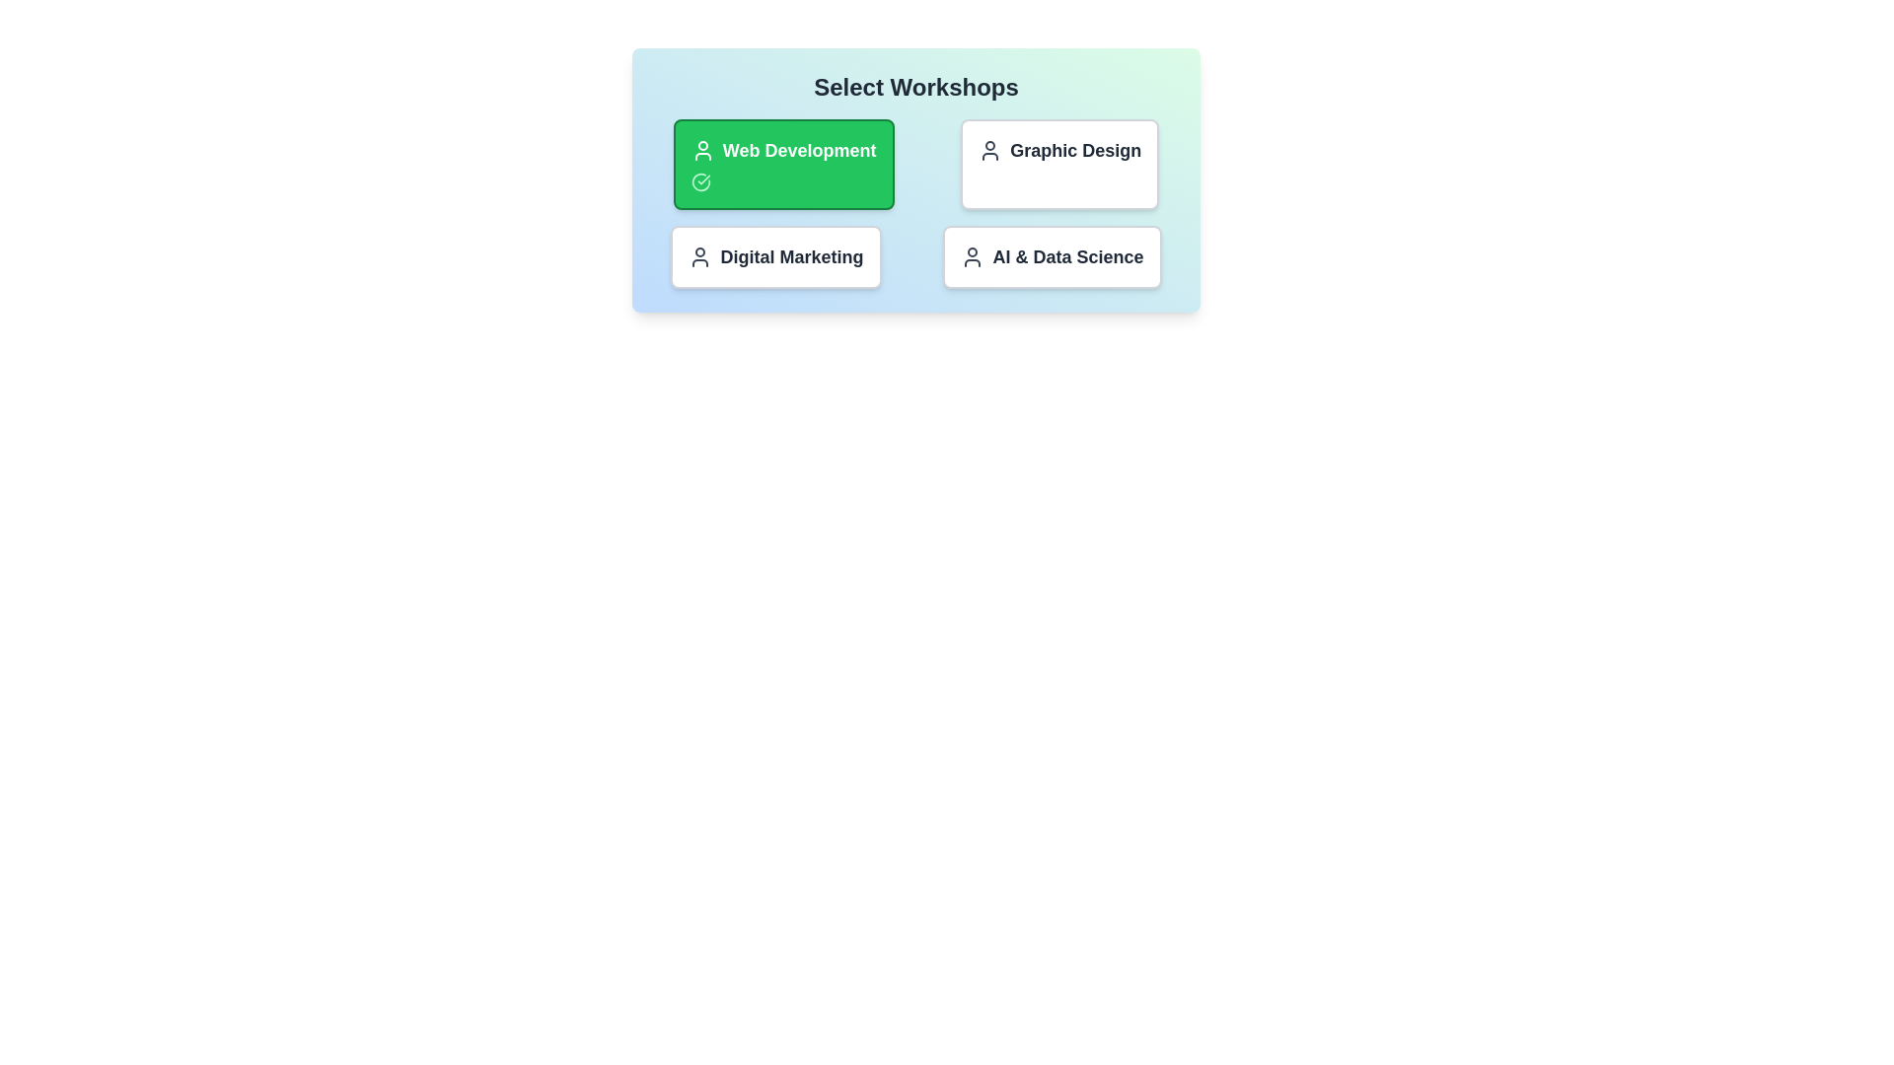 This screenshot has height=1065, width=1894. Describe the element at coordinates (775, 256) in the screenshot. I see `the workshop titled Digital Marketing to observe hover effects` at that location.